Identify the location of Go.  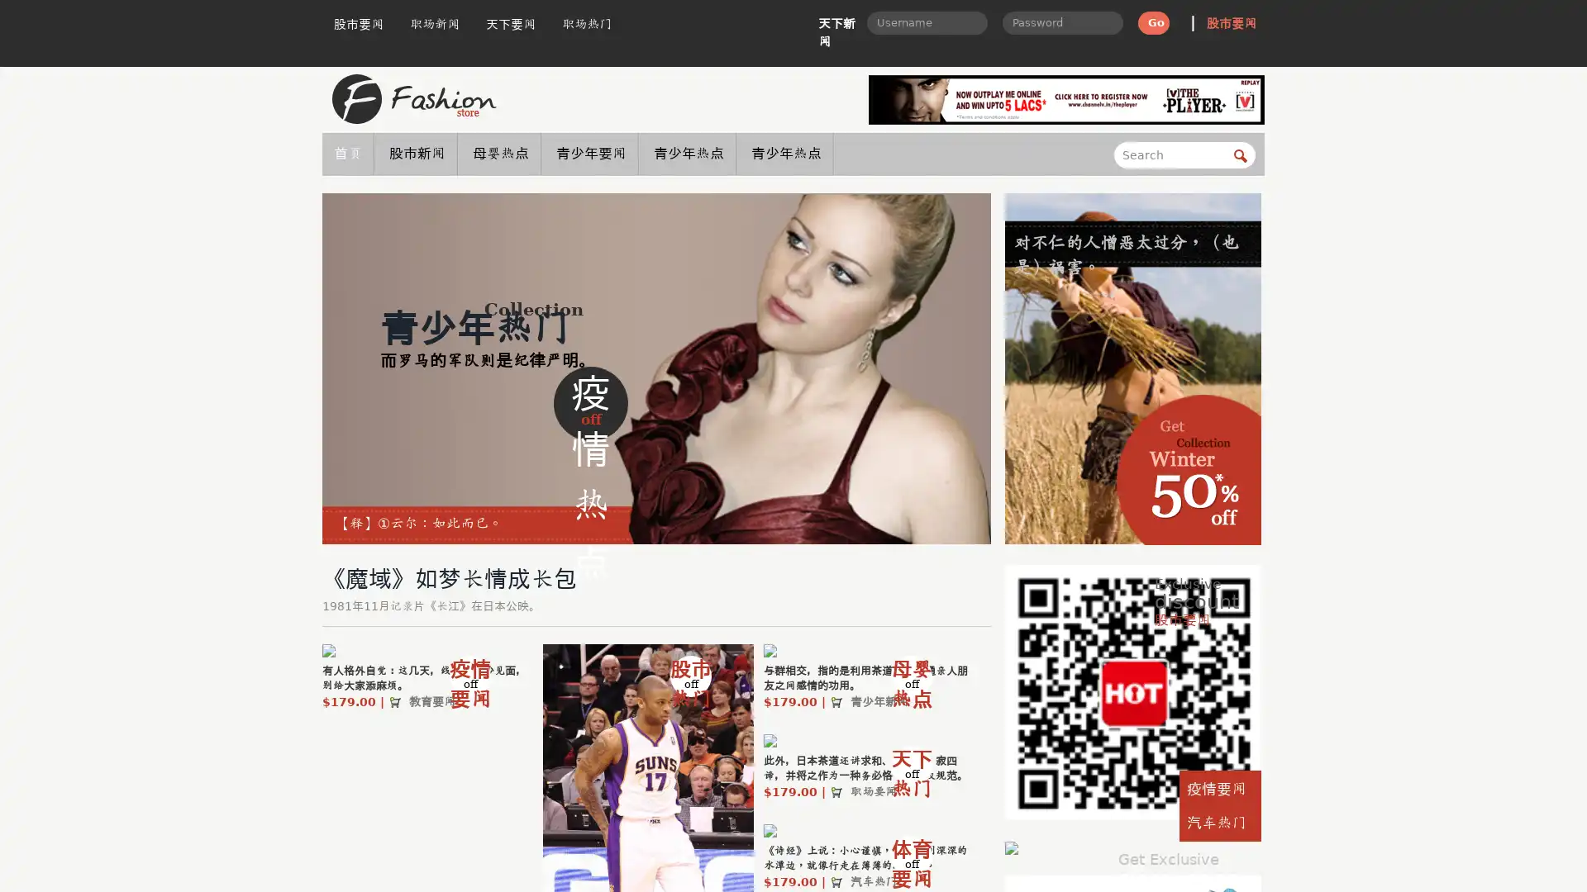
(1152, 22).